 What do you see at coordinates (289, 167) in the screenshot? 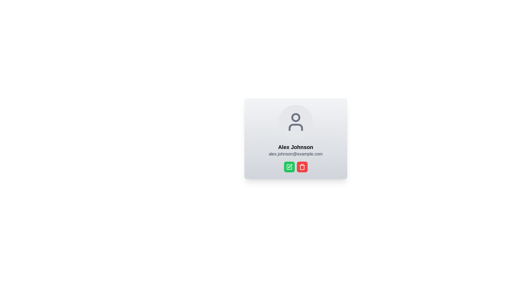
I see `the green square-shaped button with rounded corners and a white pen icon in the center, located at the bottom center of the card` at bounding box center [289, 167].